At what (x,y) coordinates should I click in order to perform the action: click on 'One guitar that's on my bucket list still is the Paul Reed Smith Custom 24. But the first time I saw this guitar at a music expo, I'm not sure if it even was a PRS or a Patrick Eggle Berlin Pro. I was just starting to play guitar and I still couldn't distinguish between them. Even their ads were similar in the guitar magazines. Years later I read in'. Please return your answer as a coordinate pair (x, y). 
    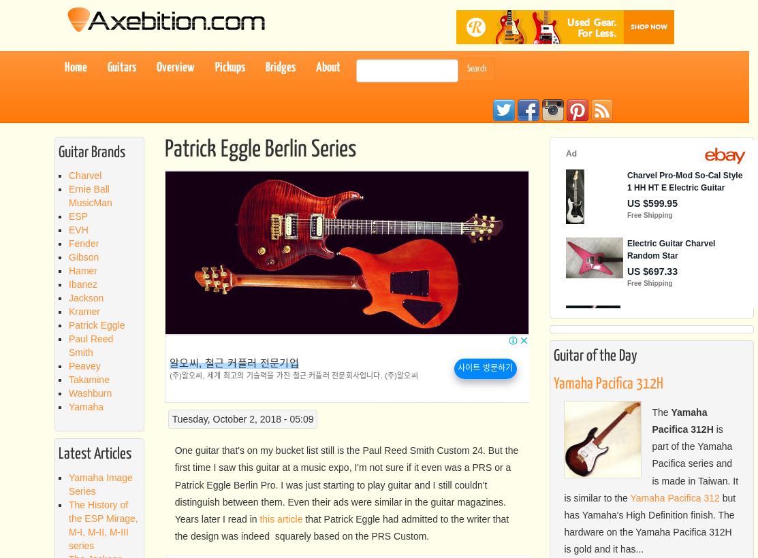
    Looking at the image, I should click on (346, 485).